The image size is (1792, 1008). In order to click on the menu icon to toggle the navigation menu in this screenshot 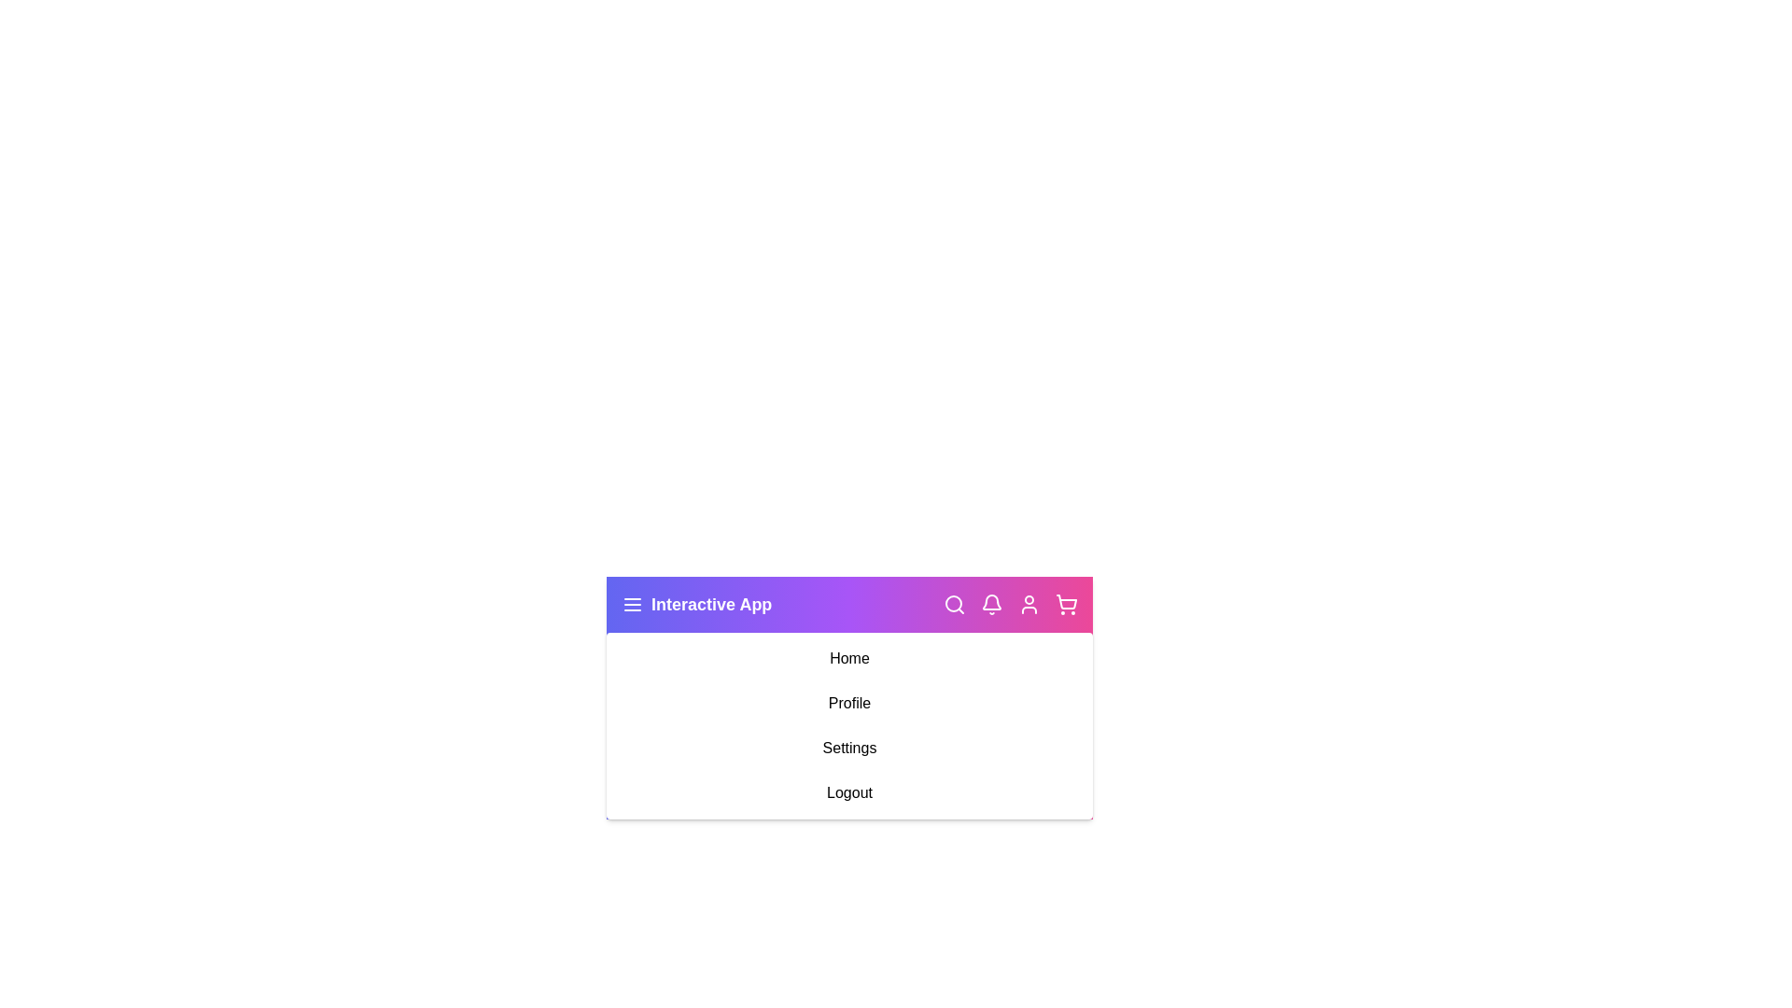, I will do `click(632, 605)`.